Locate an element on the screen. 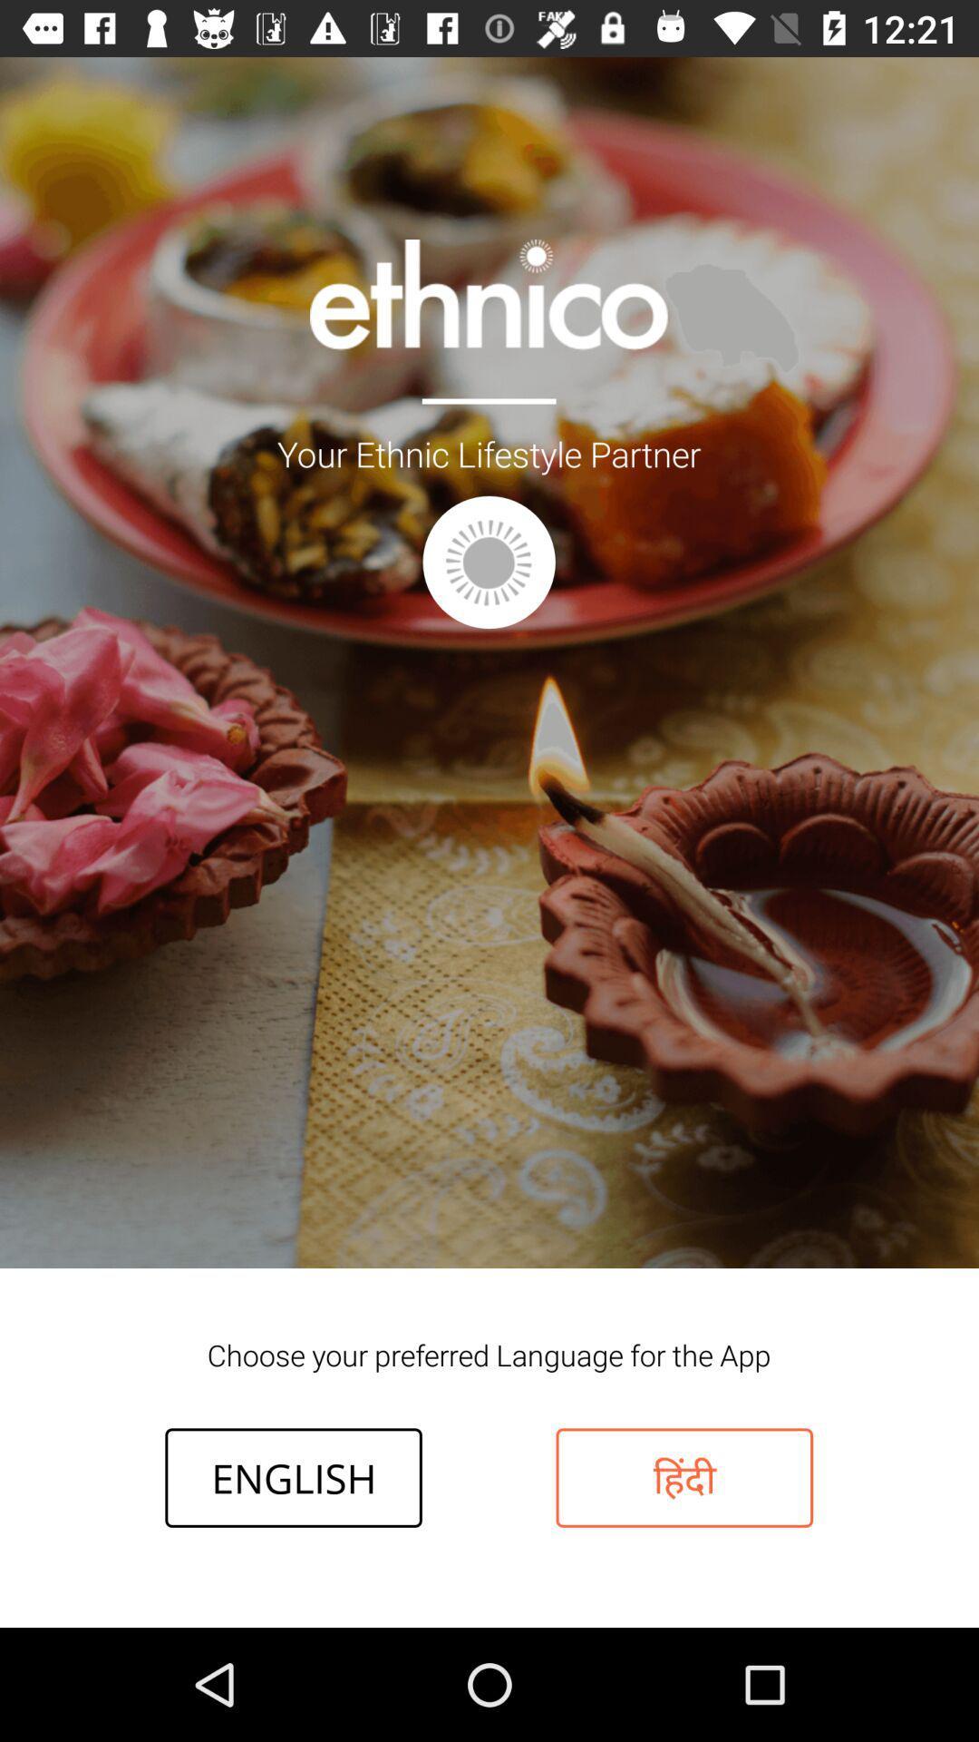 This screenshot has height=1742, width=979. item to the right of english is located at coordinates (684, 1477).